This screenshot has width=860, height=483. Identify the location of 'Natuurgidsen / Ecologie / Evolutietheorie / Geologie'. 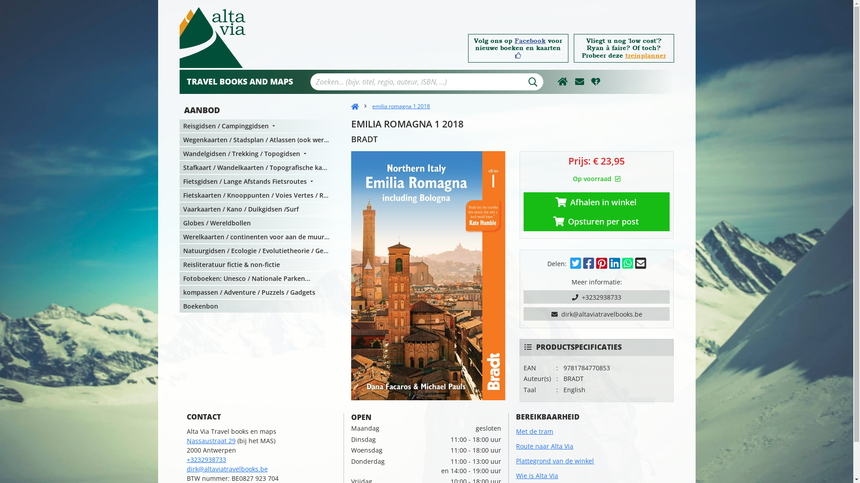
(258, 250).